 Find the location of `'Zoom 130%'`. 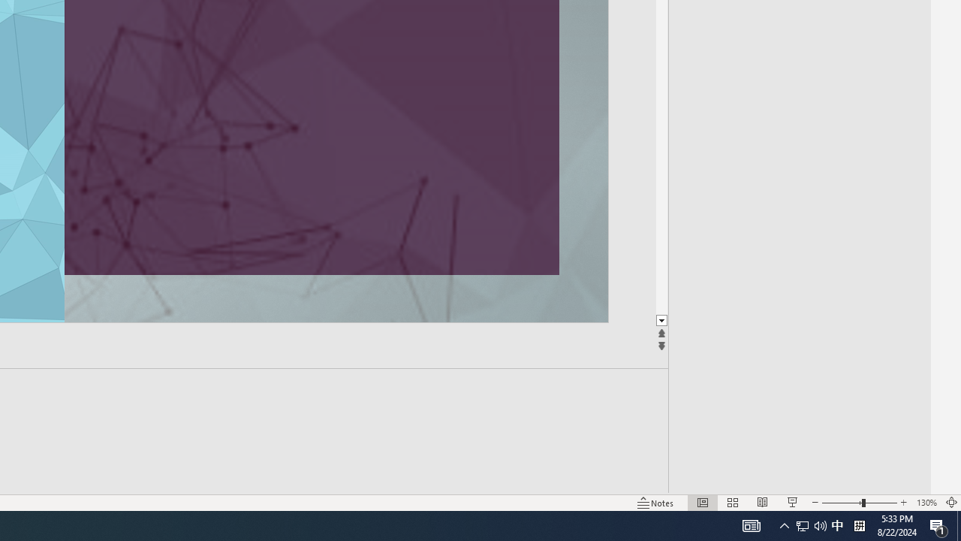

'Zoom 130%' is located at coordinates (926, 503).